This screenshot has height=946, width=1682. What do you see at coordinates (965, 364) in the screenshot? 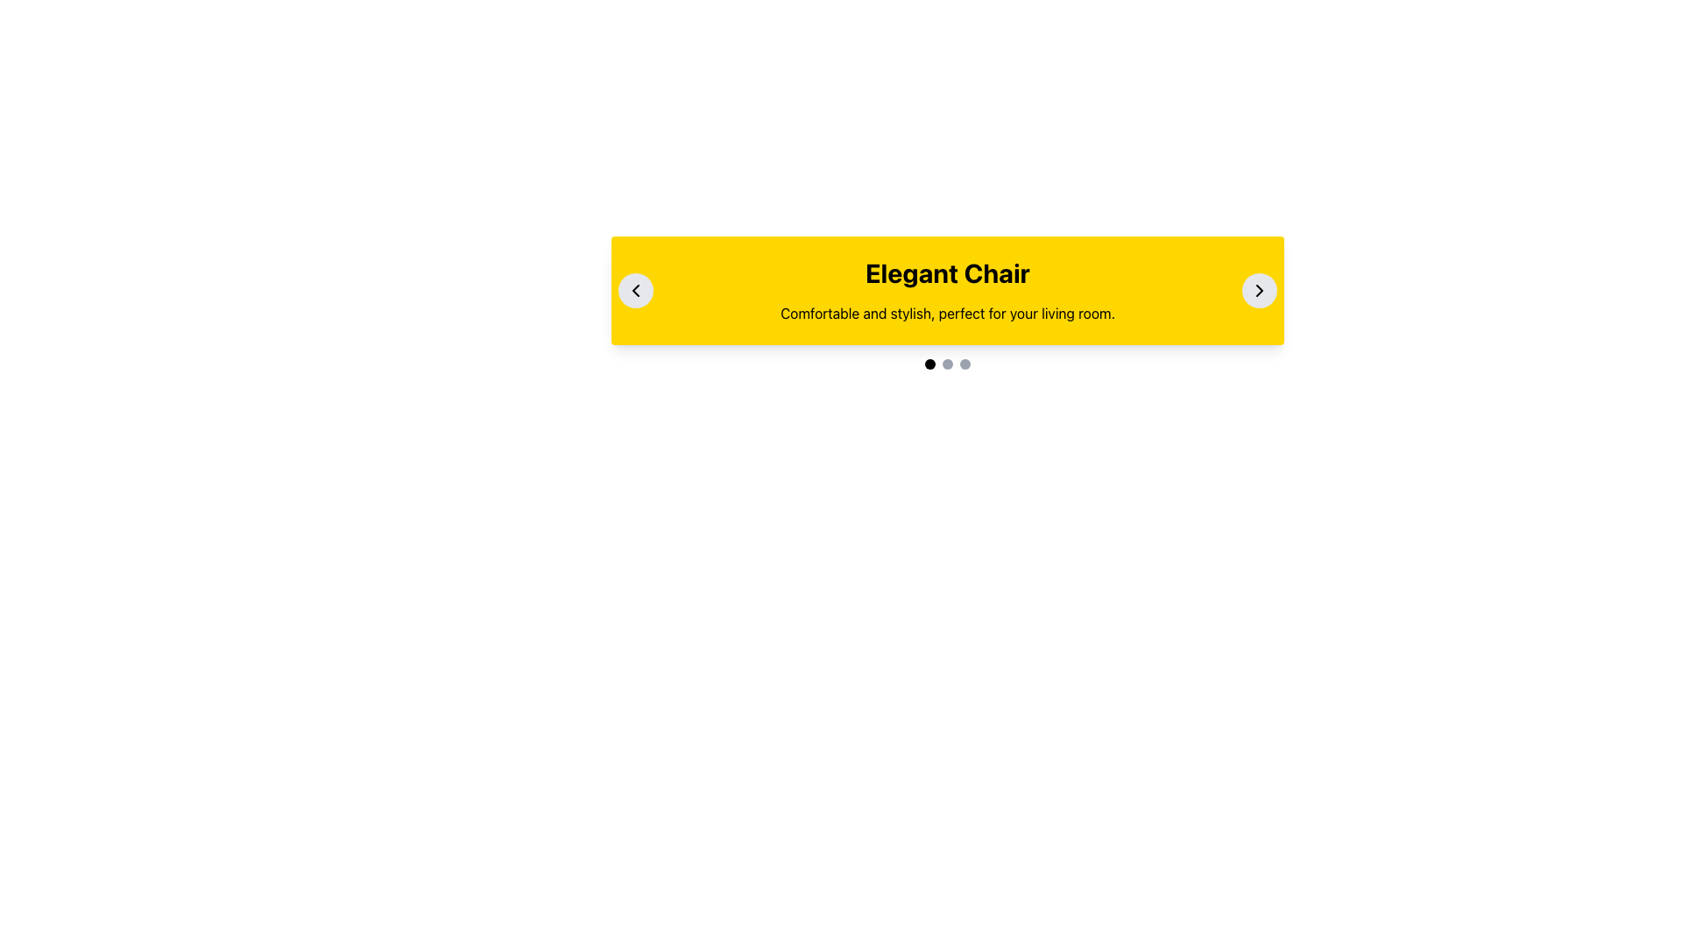
I see `the third small circular button or step indicator that is gray and represents a step in a progression below the 'Elegant Chair' banner` at bounding box center [965, 364].